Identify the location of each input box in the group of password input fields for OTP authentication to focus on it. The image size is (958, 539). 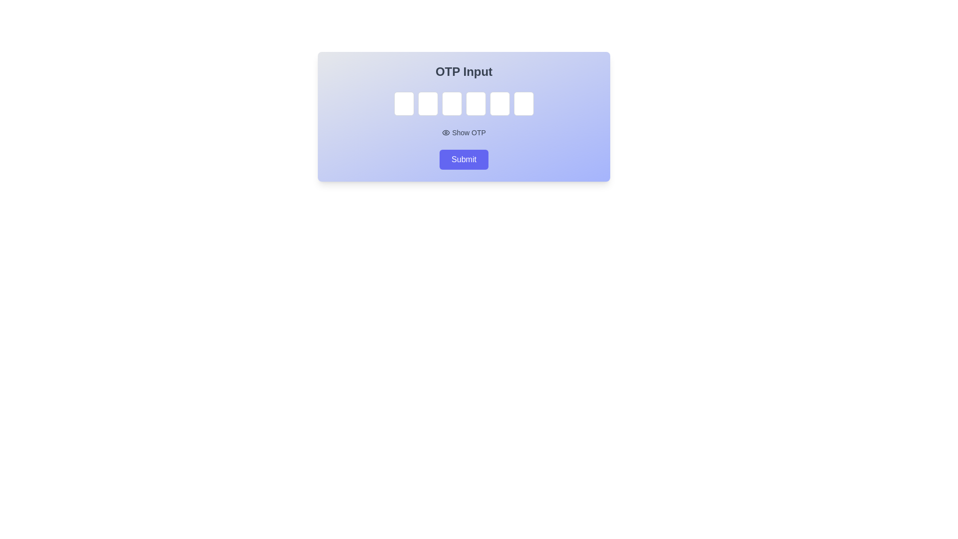
(464, 104).